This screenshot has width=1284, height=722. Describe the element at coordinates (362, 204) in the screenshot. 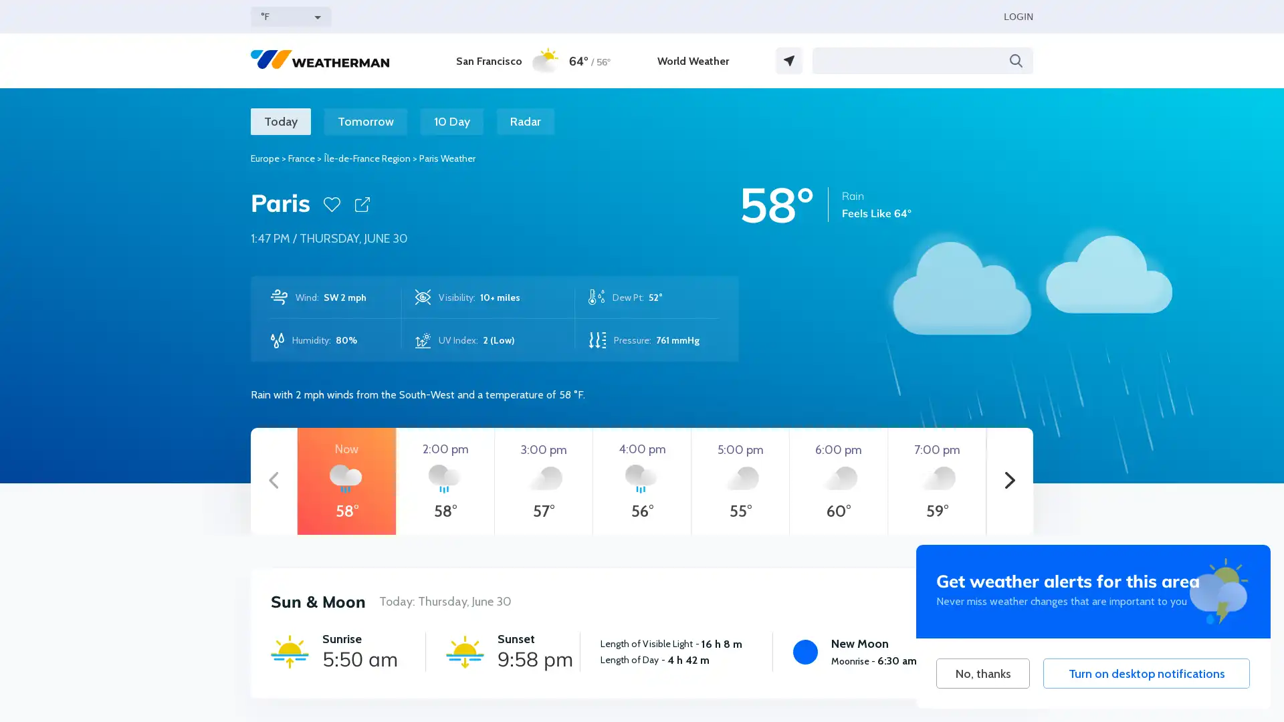

I see `Share` at that location.